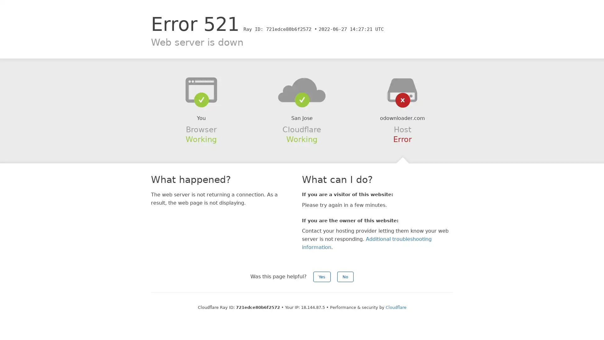 This screenshot has height=340, width=604. Describe the element at coordinates (322, 276) in the screenshot. I see `Yes` at that location.